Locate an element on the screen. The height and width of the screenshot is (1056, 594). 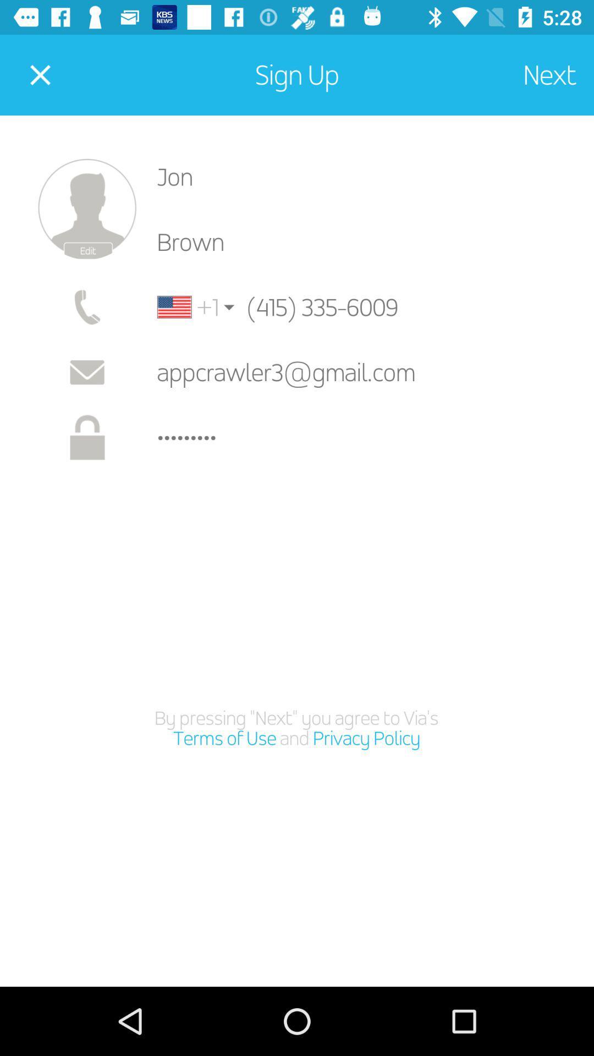
the icon above the crowd3116 icon is located at coordinates (367, 372).